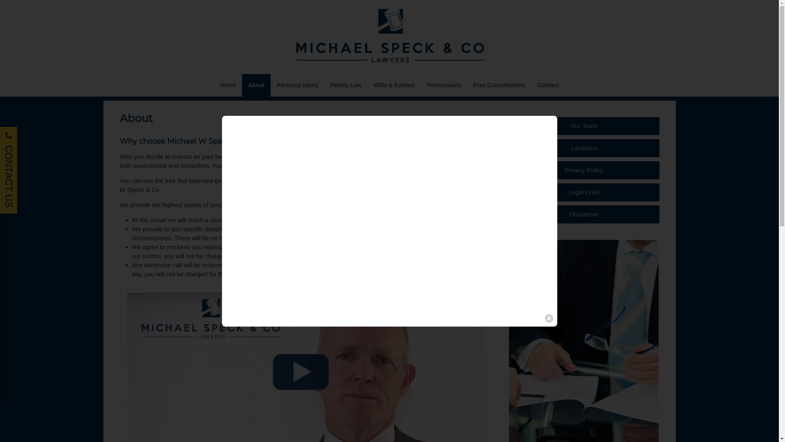 The height and width of the screenshot is (442, 785). Describe the element at coordinates (394, 85) in the screenshot. I see `'Wills & Estates'` at that location.